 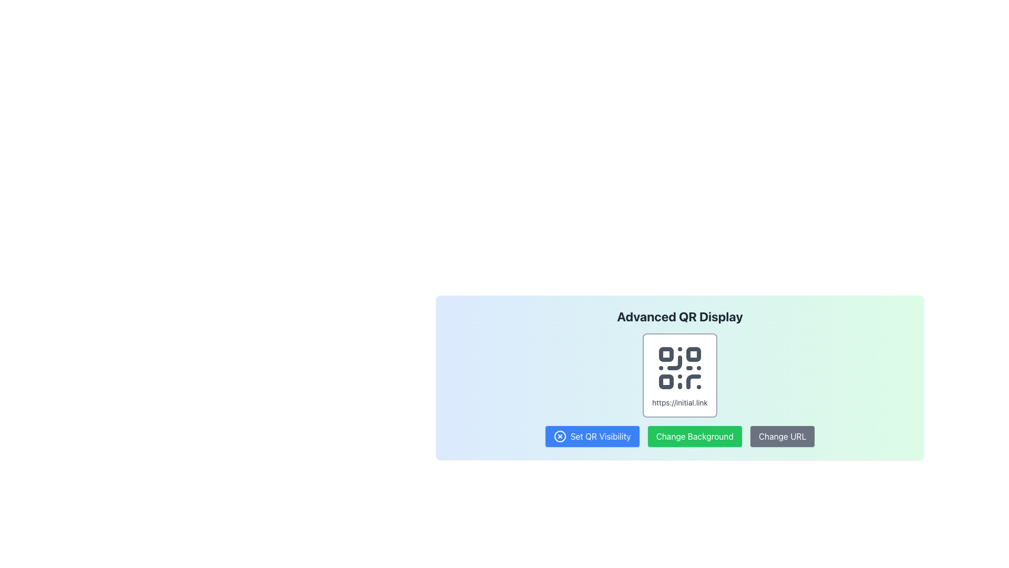 What do you see at coordinates (559, 436) in the screenshot?
I see `the icon located within the 'Set QR Visibility' button at the bottom-left corner of the displayed section` at bounding box center [559, 436].